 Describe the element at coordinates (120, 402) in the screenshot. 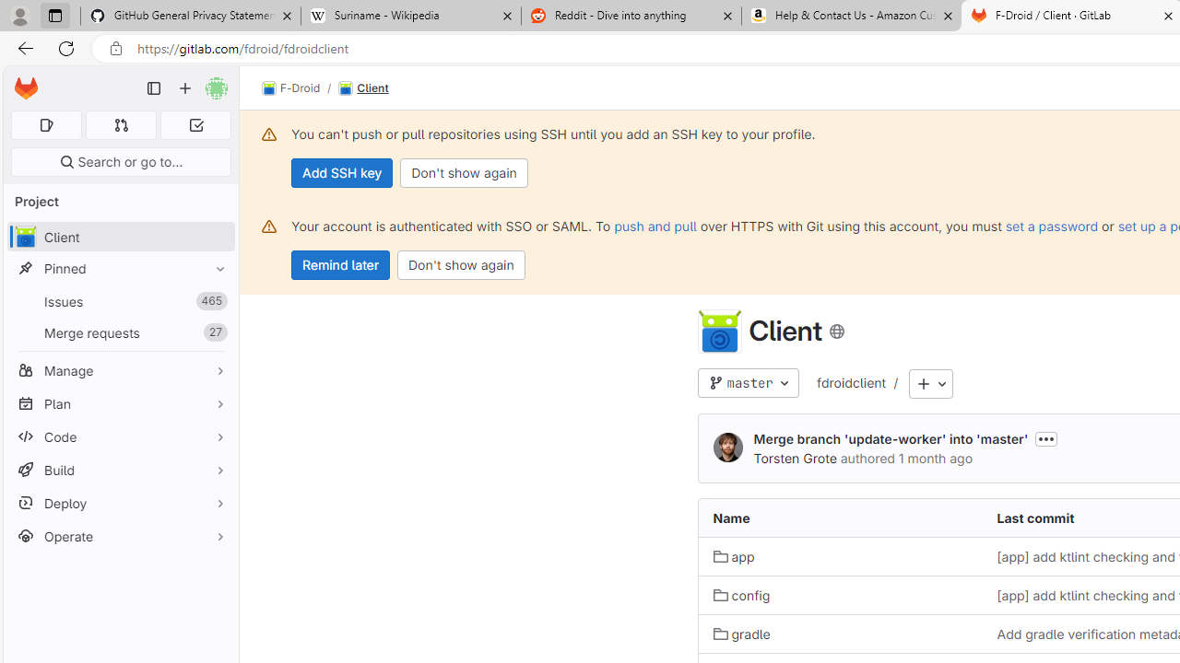

I see `'Plan'` at that location.